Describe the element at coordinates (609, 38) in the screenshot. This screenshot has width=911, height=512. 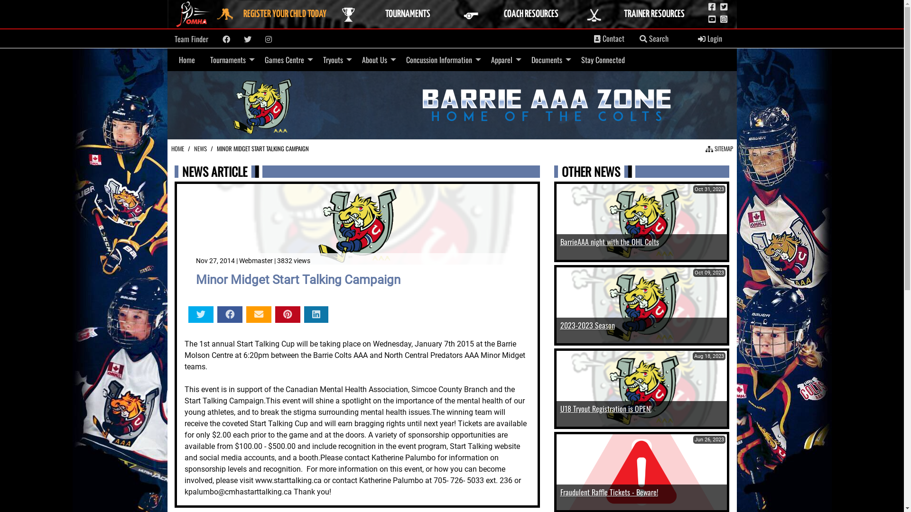
I see `' Contact'` at that location.